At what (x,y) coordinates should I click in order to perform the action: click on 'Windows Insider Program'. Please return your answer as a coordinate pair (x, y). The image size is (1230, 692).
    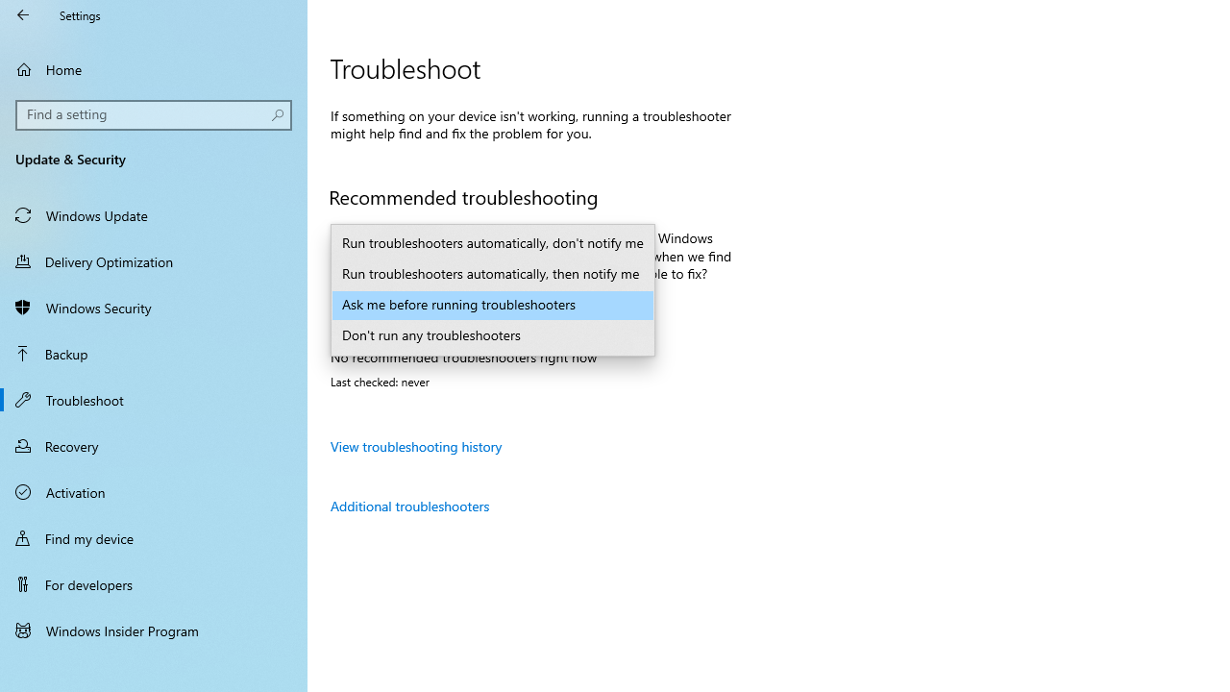
    Looking at the image, I should click on (154, 630).